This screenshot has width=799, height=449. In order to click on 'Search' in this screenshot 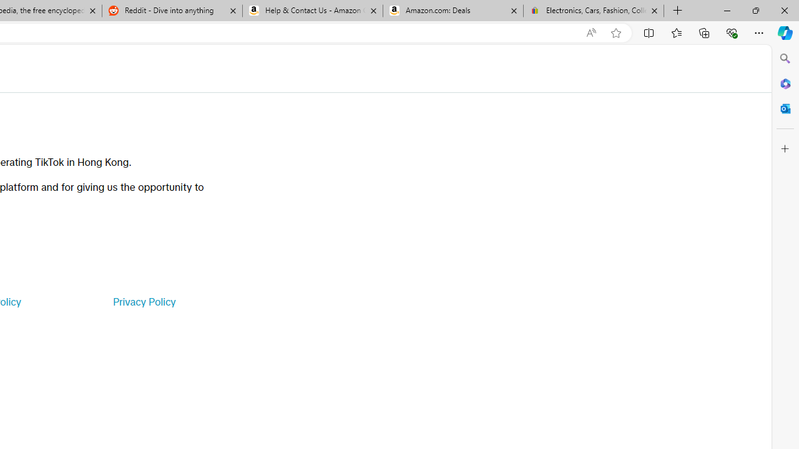, I will do `click(785, 59)`.